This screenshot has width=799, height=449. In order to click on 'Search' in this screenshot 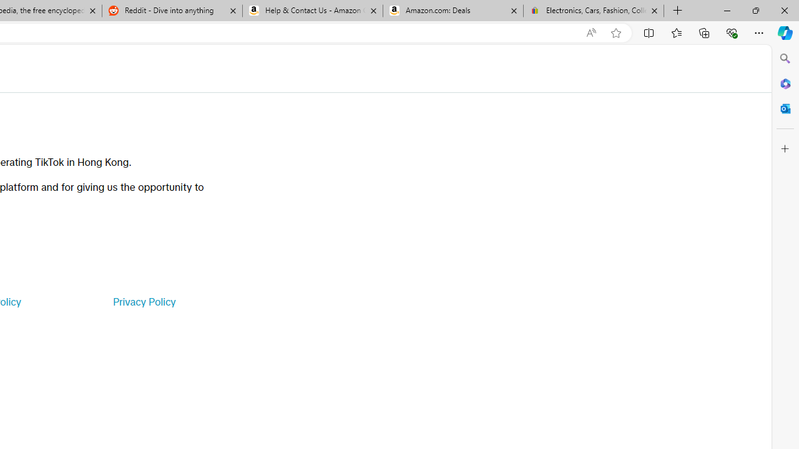, I will do `click(785, 59)`.